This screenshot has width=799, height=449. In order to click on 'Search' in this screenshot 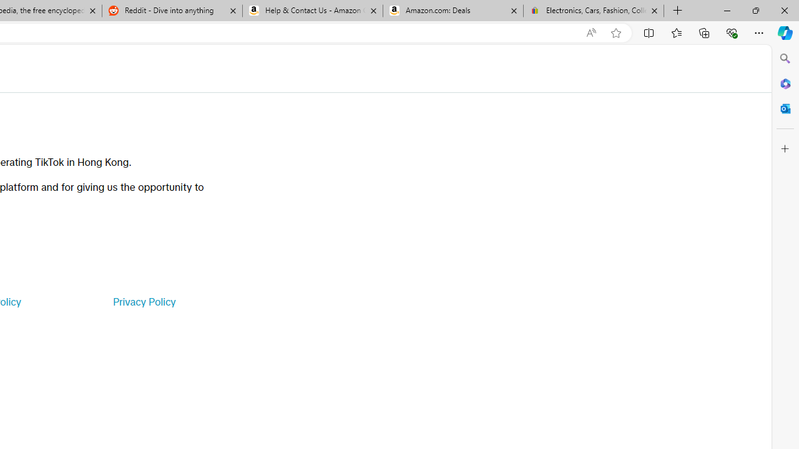, I will do `click(785, 59)`.